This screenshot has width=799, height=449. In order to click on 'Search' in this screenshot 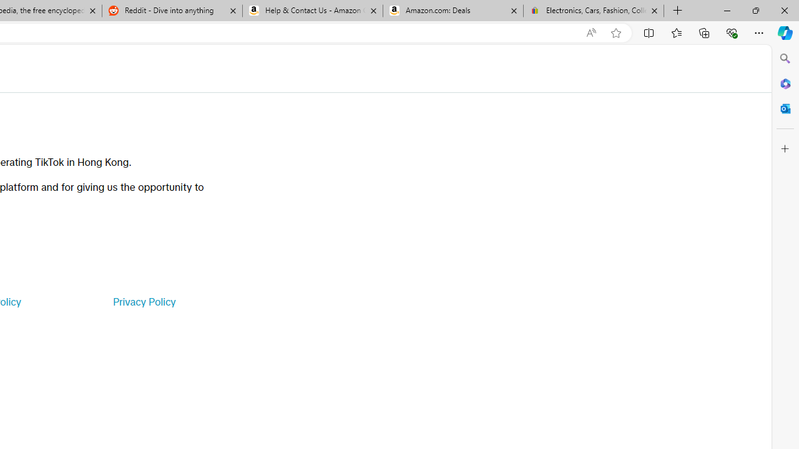, I will do `click(785, 59)`.